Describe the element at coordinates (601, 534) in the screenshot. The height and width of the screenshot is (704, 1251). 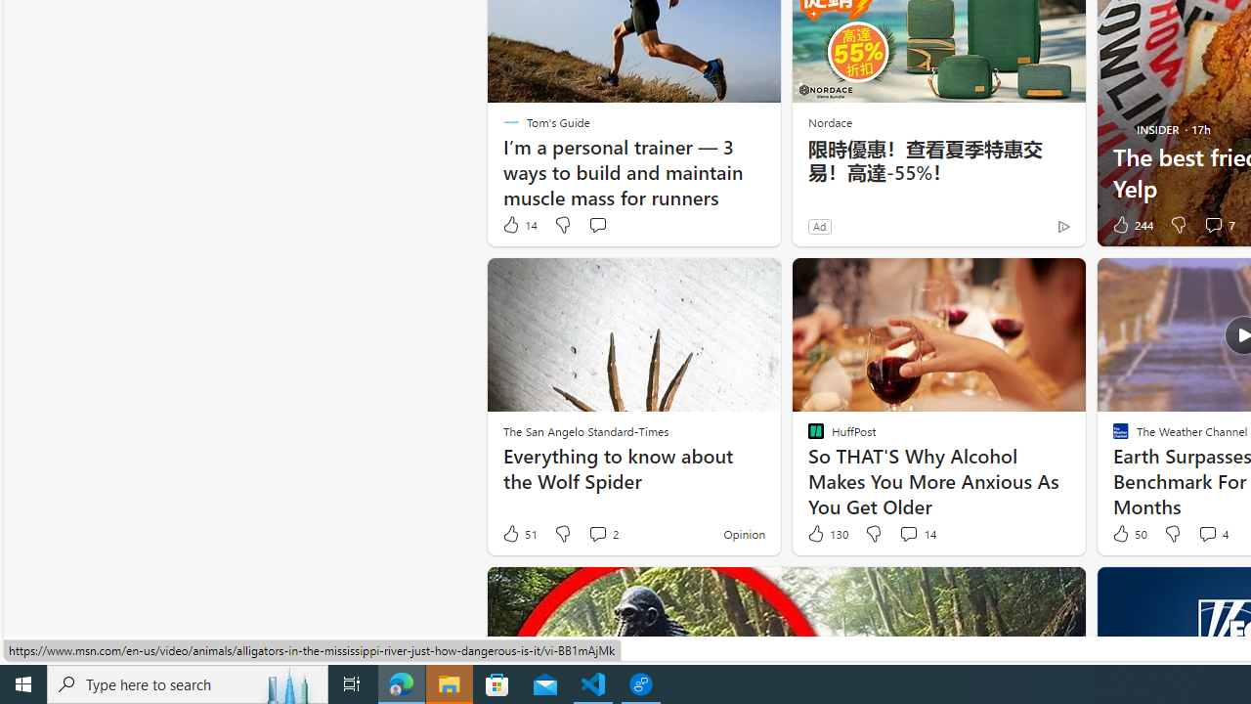
I see `'View comments 2 Comment'` at that location.